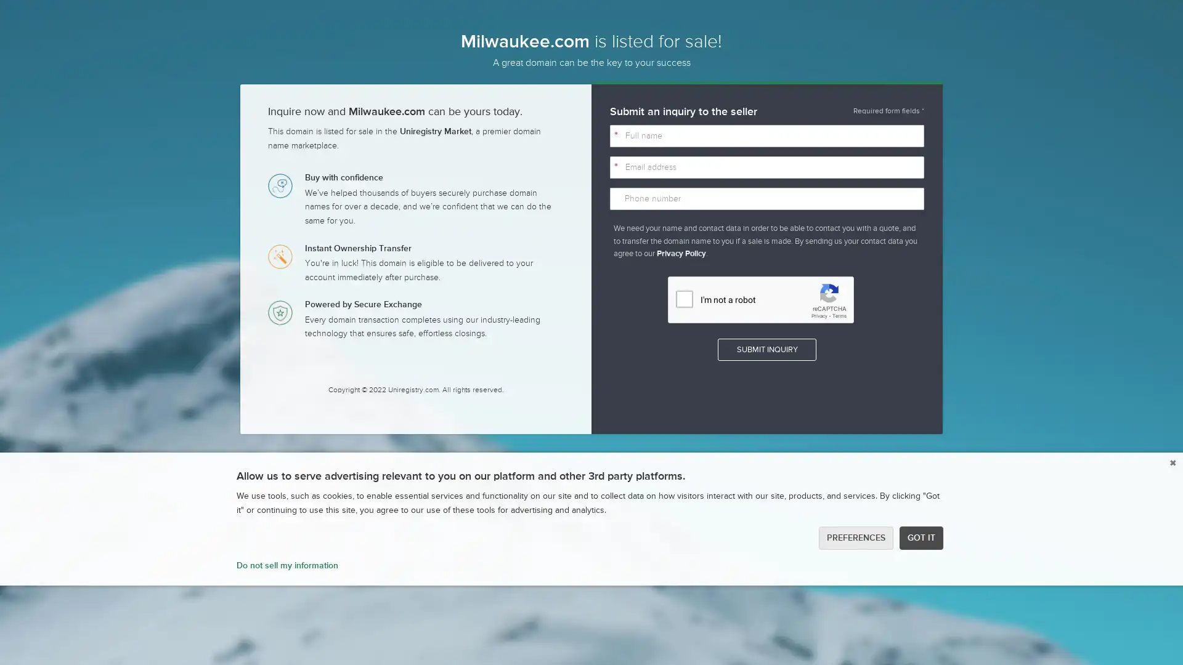  What do you see at coordinates (766, 349) in the screenshot?
I see `SUBMIT INQUIRY` at bounding box center [766, 349].